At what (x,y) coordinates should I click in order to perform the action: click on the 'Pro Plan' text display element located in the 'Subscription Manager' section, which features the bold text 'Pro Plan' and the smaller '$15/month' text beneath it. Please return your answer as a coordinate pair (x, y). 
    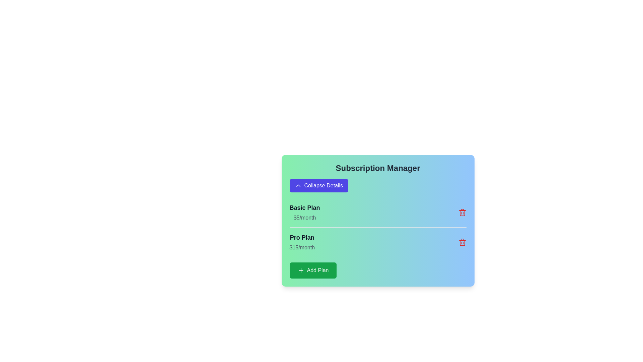
    Looking at the image, I should click on (302, 242).